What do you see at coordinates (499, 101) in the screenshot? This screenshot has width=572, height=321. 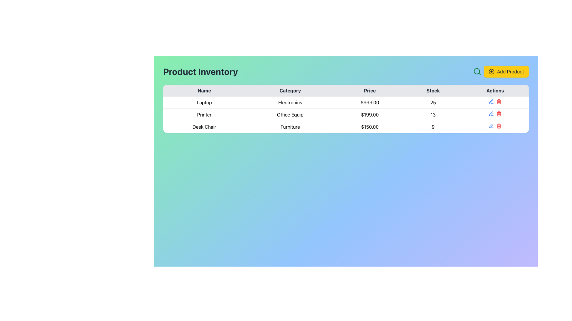 I see `the small red trash bin icon button located in the action column of the first row of the product inventory table` at bounding box center [499, 101].